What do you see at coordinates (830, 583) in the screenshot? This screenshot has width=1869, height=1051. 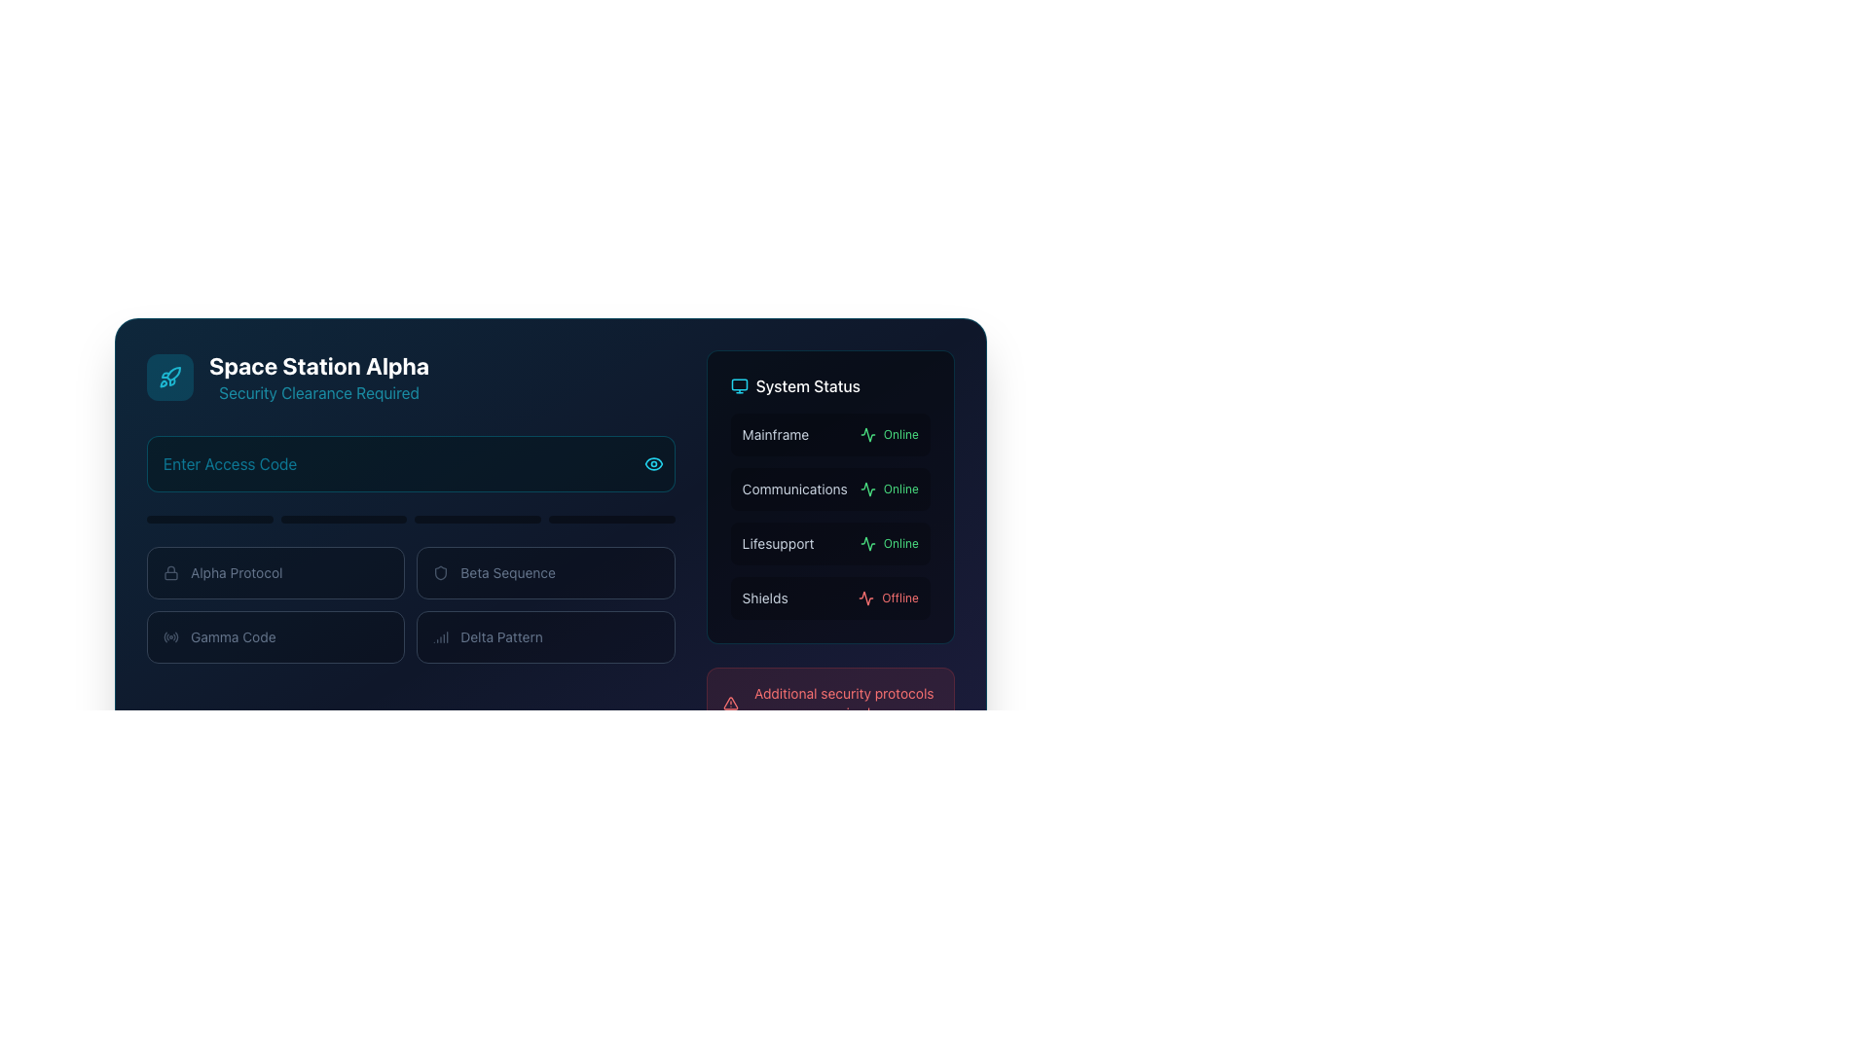 I see `the 'System Status' panel located on the right side of the interface, beneath 'Space Station Alpha', to view the status of various system components` at bounding box center [830, 583].